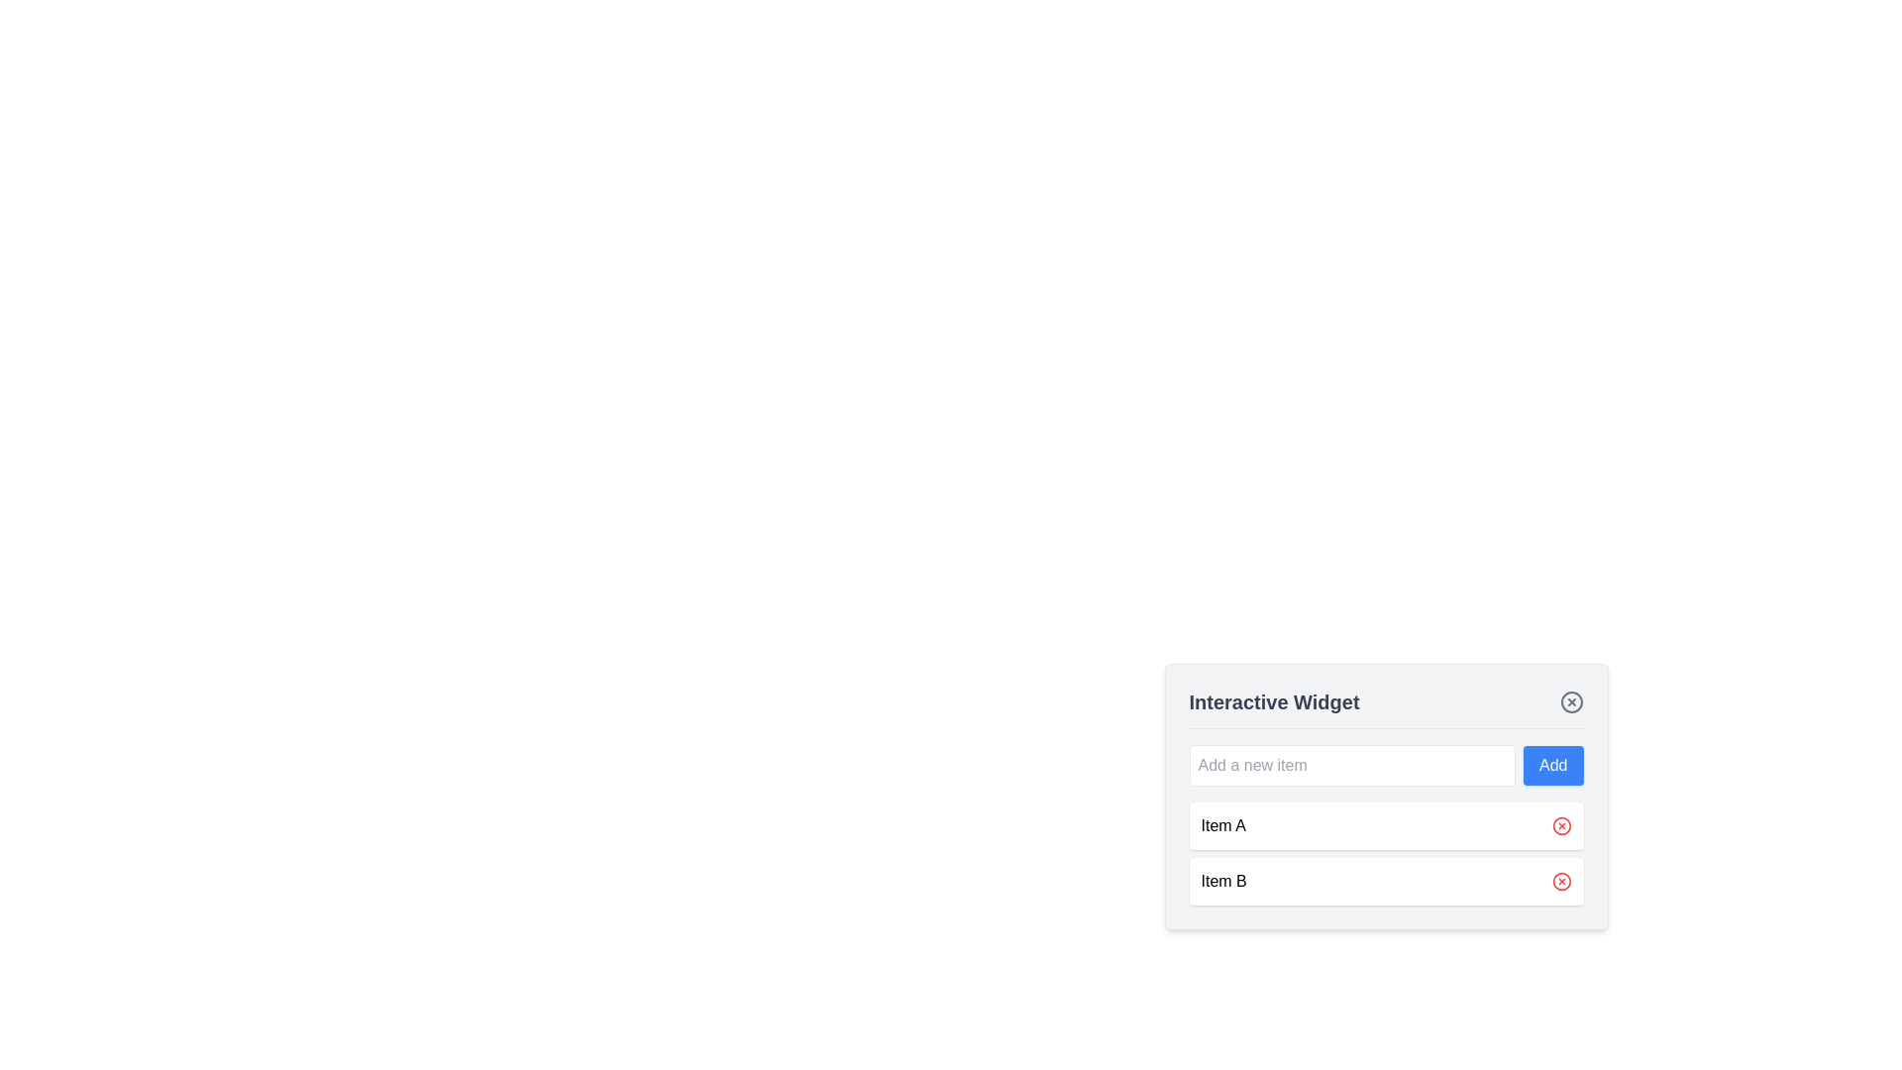 This screenshot has width=1902, height=1070. I want to click on the SVG circle that represents the close button, so click(1570, 701).